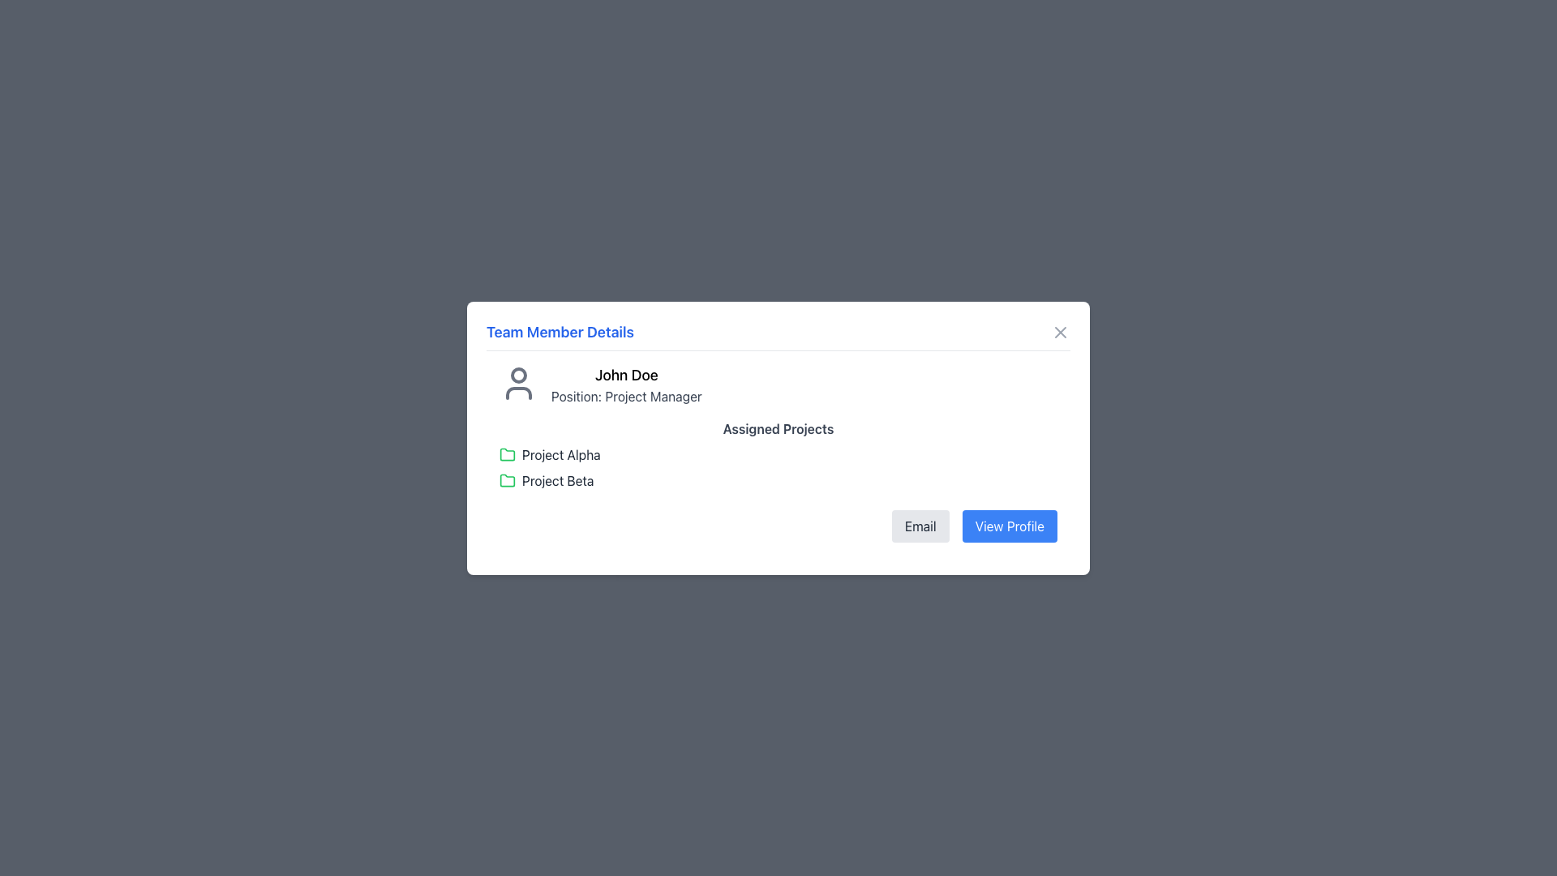  I want to click on the small gray close button (styled as an 'X') located in the top right corner of the modal header bar, to the right of 'Team Member Details', to initiate the close action, so click(1061, 330).